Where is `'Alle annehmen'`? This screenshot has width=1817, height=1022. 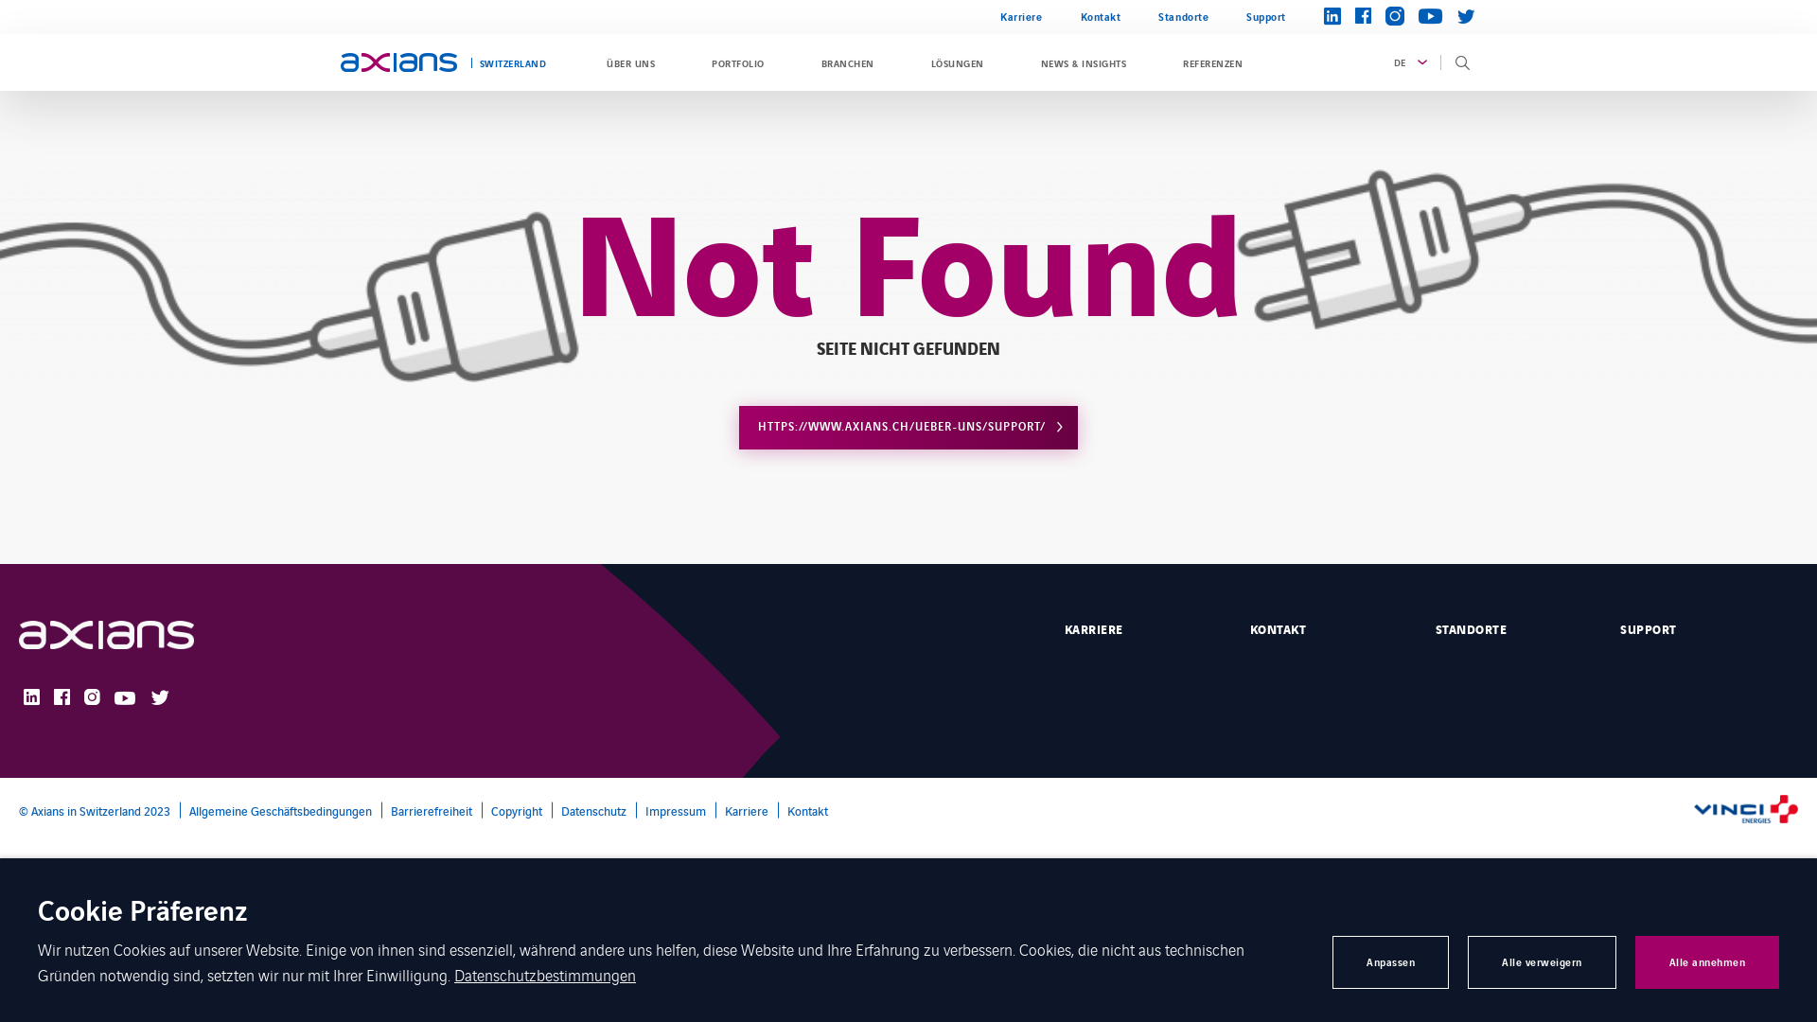 'Alle annehmen' is located at coordinates (1707, 962).